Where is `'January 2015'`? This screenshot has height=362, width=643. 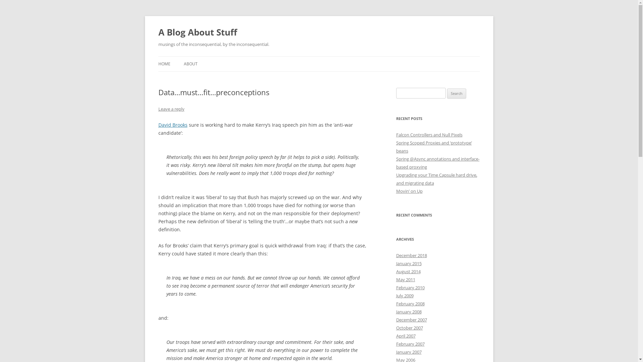
'January 2015' is located at coordinates (408, 263).